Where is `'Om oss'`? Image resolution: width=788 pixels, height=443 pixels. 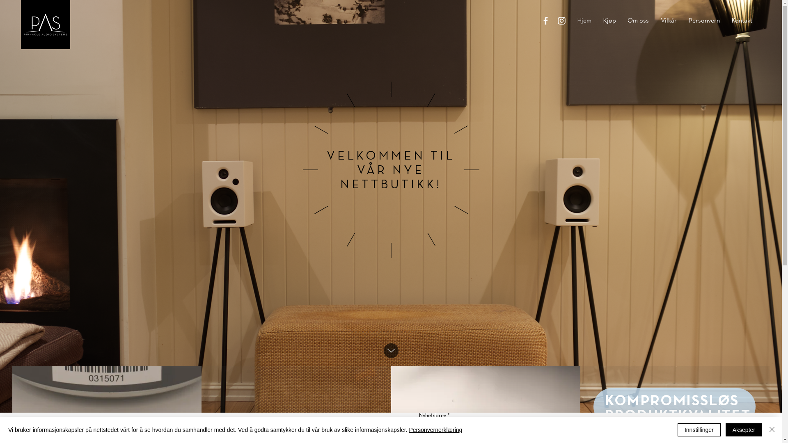
'Om oss' is located at coordinates (638, 20).